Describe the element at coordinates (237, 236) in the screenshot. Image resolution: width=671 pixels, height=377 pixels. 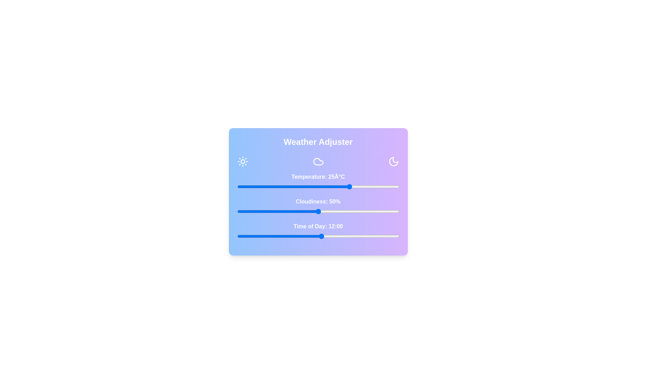
I see `the time of day` at that location.